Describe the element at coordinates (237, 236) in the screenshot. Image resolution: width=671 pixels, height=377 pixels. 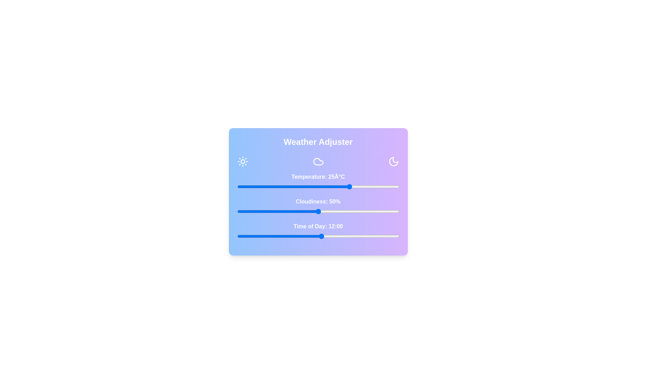
I see `the time of day` at that location.